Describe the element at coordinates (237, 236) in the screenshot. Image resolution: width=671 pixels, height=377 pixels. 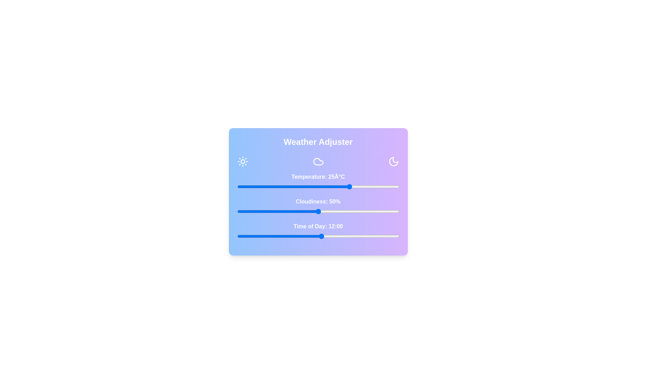
I see `the time of day` at that location.